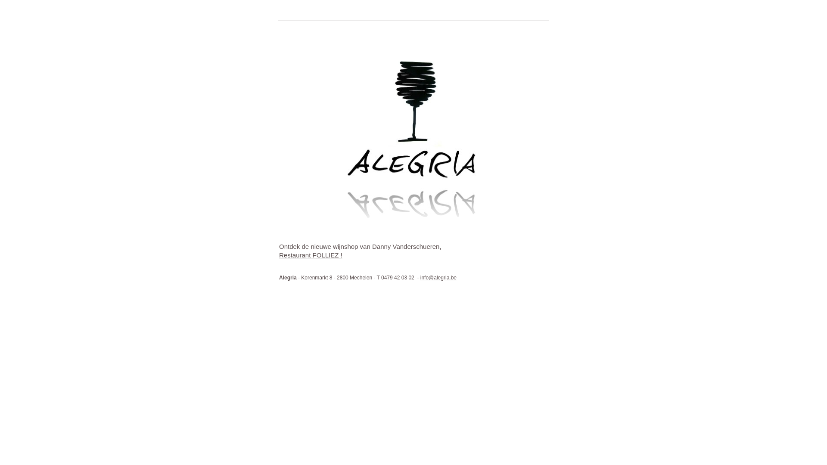 This screenshot has width=827, height=465. I want to click on 'info@alegria.be', so click(438, 277).